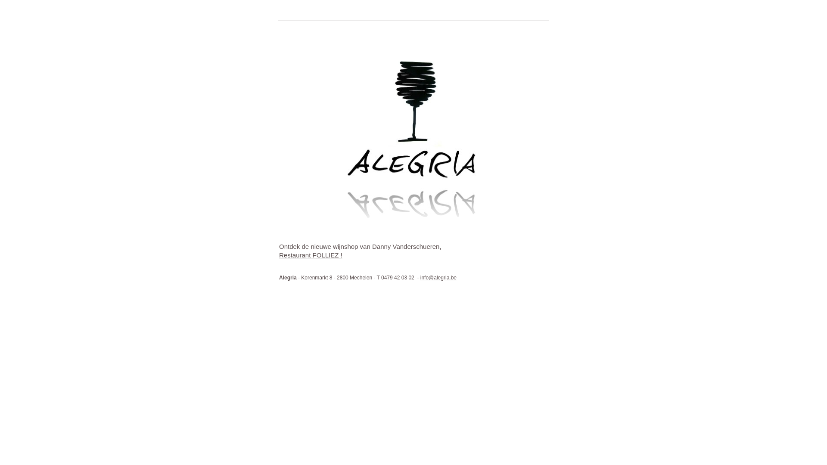 This screenshot has width=827, height=465. I want to click on 'info@alegria.be', so click(438, 277).